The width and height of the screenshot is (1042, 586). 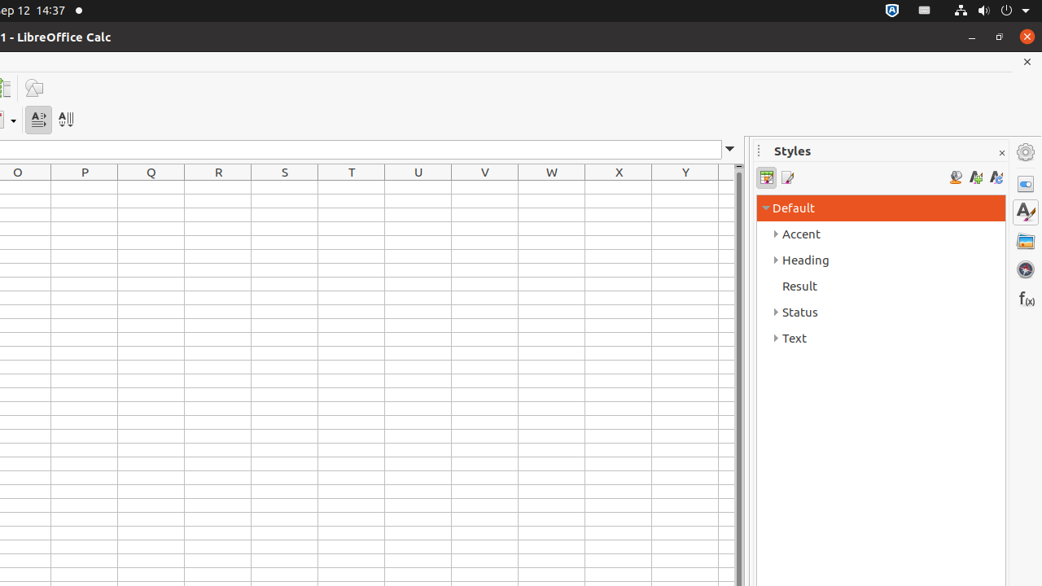 What do you see at coordinates (552, 186) in the screenshot?
I see `'W1'` at bounding box center [552, 186].